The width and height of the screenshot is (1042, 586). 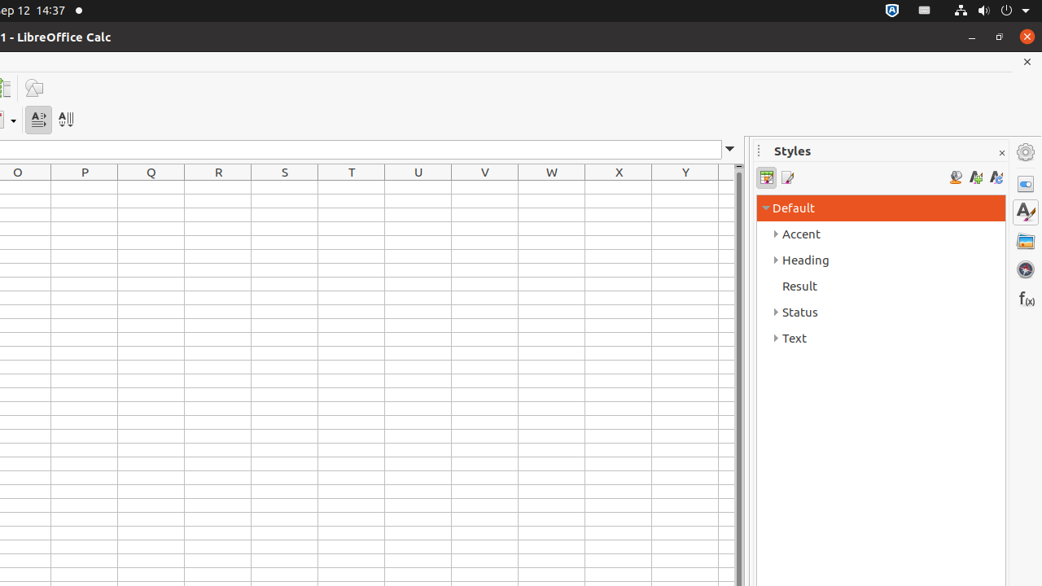 What do you see at coordinates (552, 186) in the screenshot?
I see `'W1'` at bounding box center [552, 186].